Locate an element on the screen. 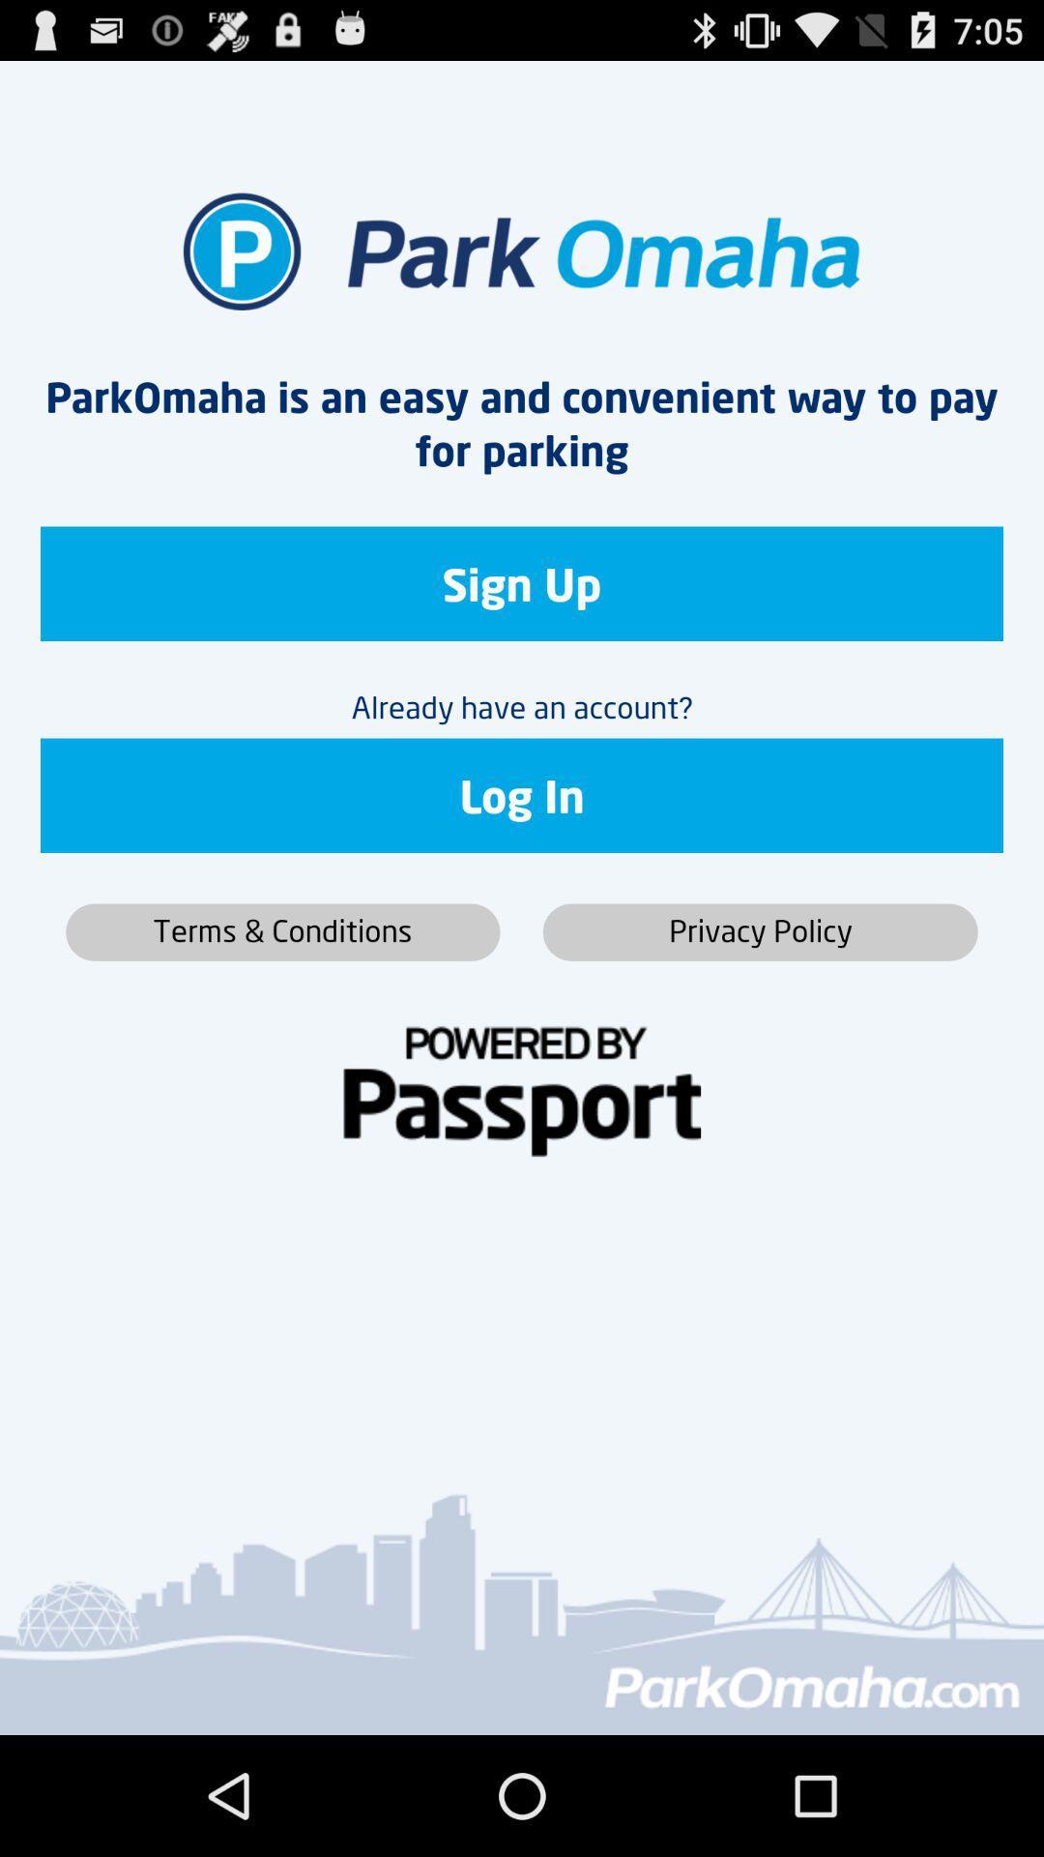 This screenshot has height=1857, width=1044. the terms & conditions on the left is located at coordinates (282, 932).